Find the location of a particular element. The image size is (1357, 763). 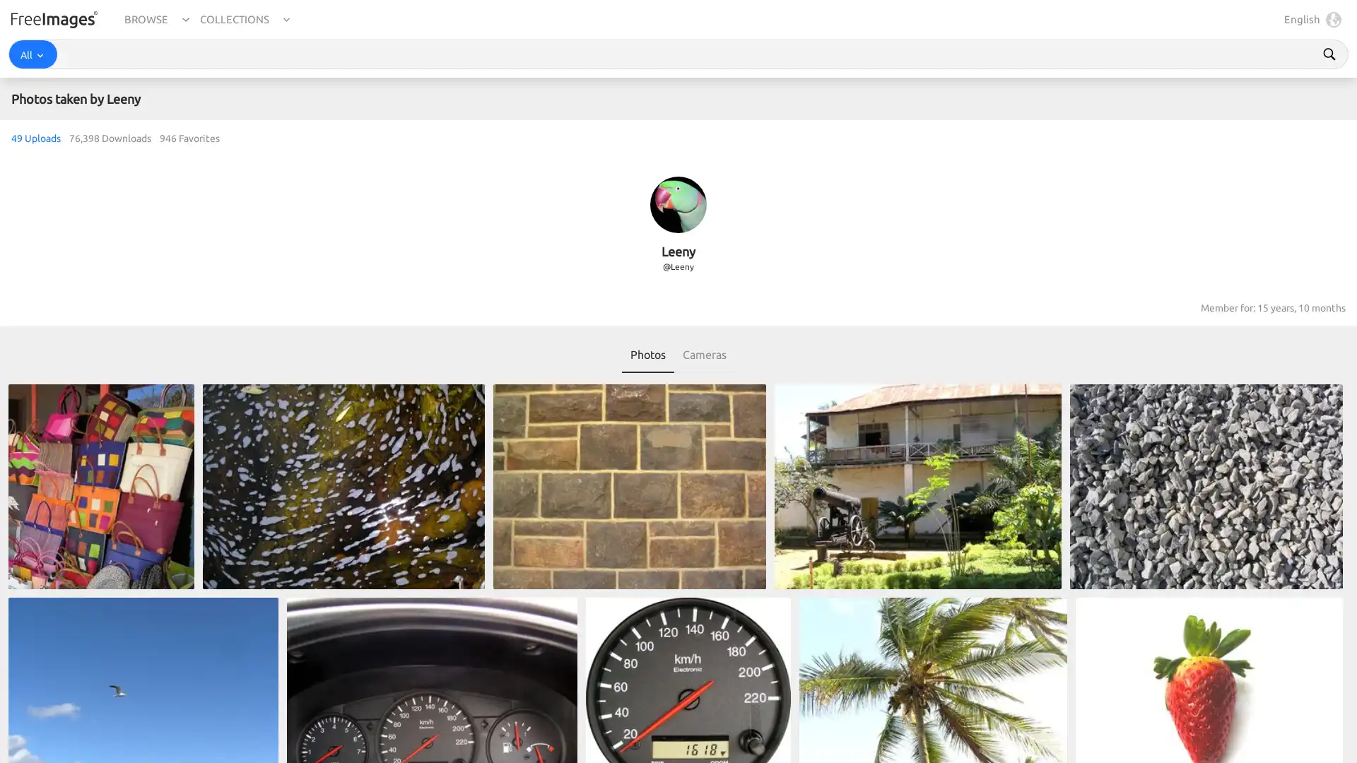

Do Not Sell My Personal Information is located at coordinates (989, 732).